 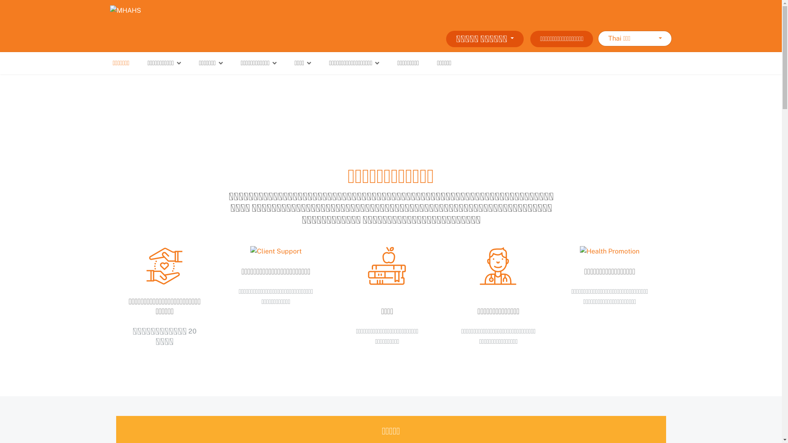 What do you see at coordinates (276, 251) in the screenshot?
I see `'Client Support'` at bounding box center [276, 251].